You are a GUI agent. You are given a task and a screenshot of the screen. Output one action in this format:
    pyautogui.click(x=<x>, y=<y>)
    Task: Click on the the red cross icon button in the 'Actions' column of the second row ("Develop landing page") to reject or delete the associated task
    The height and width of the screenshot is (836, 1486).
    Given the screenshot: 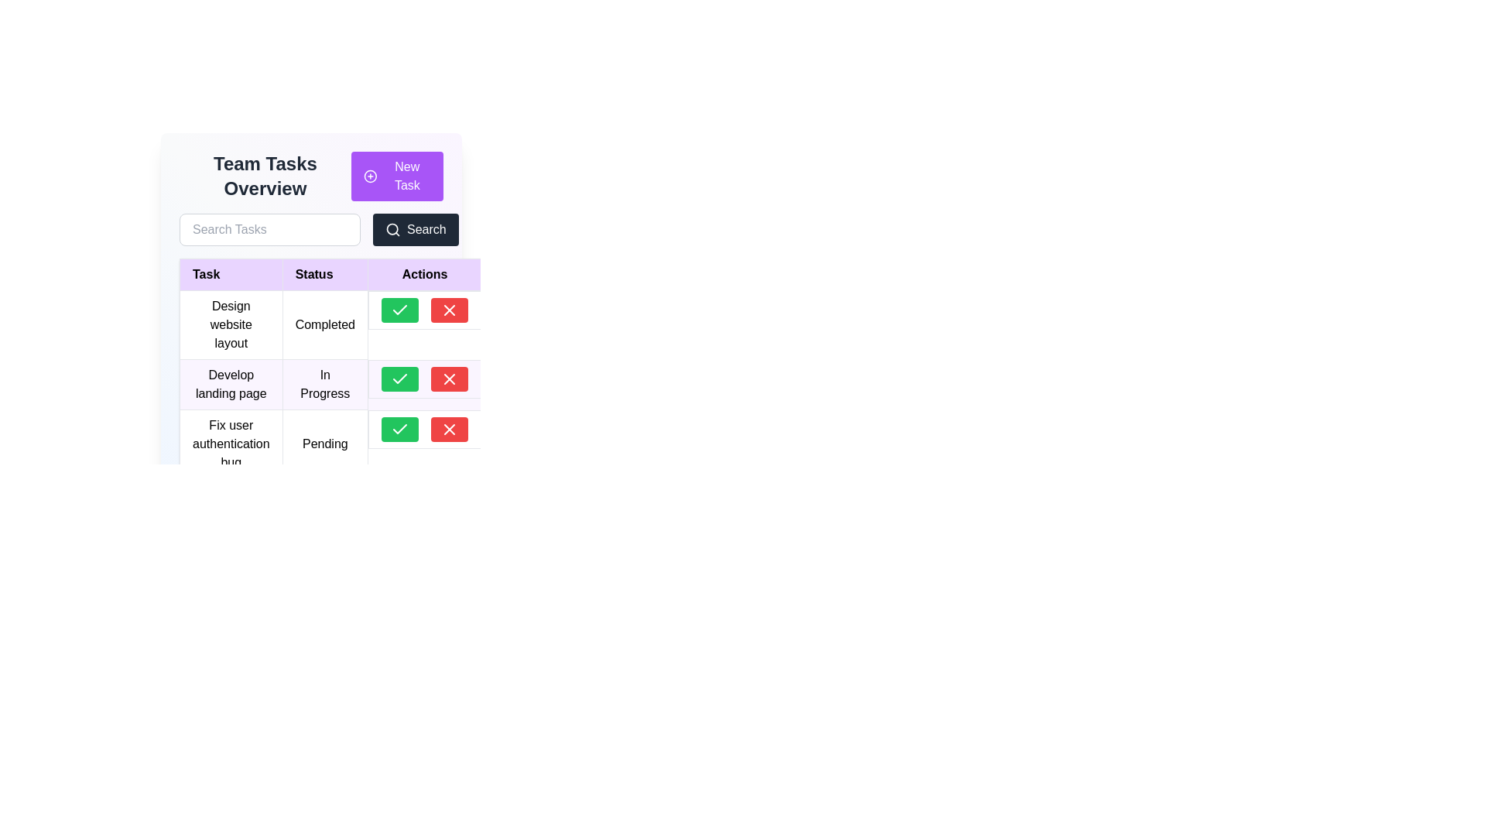 What is the action you would take?
    pyautogui.click(x=448, y=379)
    